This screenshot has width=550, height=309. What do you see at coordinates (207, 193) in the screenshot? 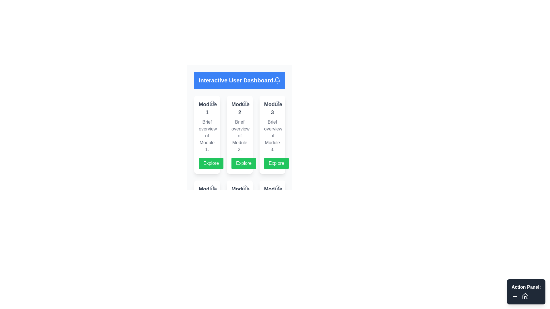
I see `the Text label that presents the title of the module, located in the fourth card component in a grid layout, above the description text 'Brief overview of Module 4.'` at bounding box center [207, 193].